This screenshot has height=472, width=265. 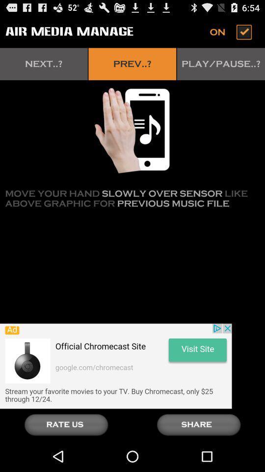 What do you see at coordinates (232, 31) in the screenshot?
I see `switch on or off button` at bounding box center [232, 31].